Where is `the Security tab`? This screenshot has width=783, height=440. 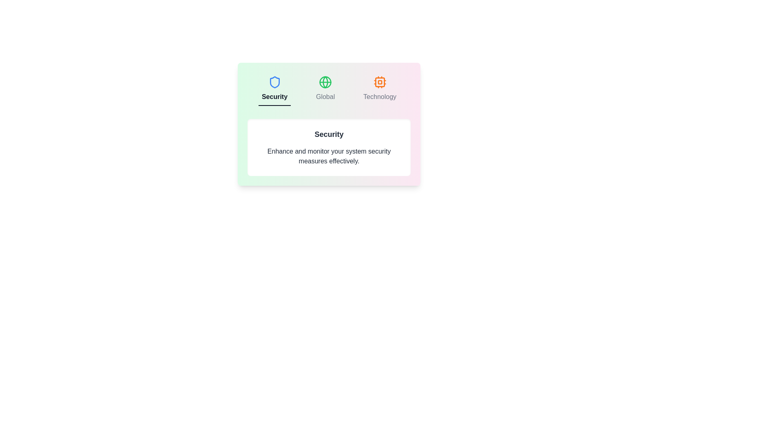
the Security tab is located at coordinates (274, 89).